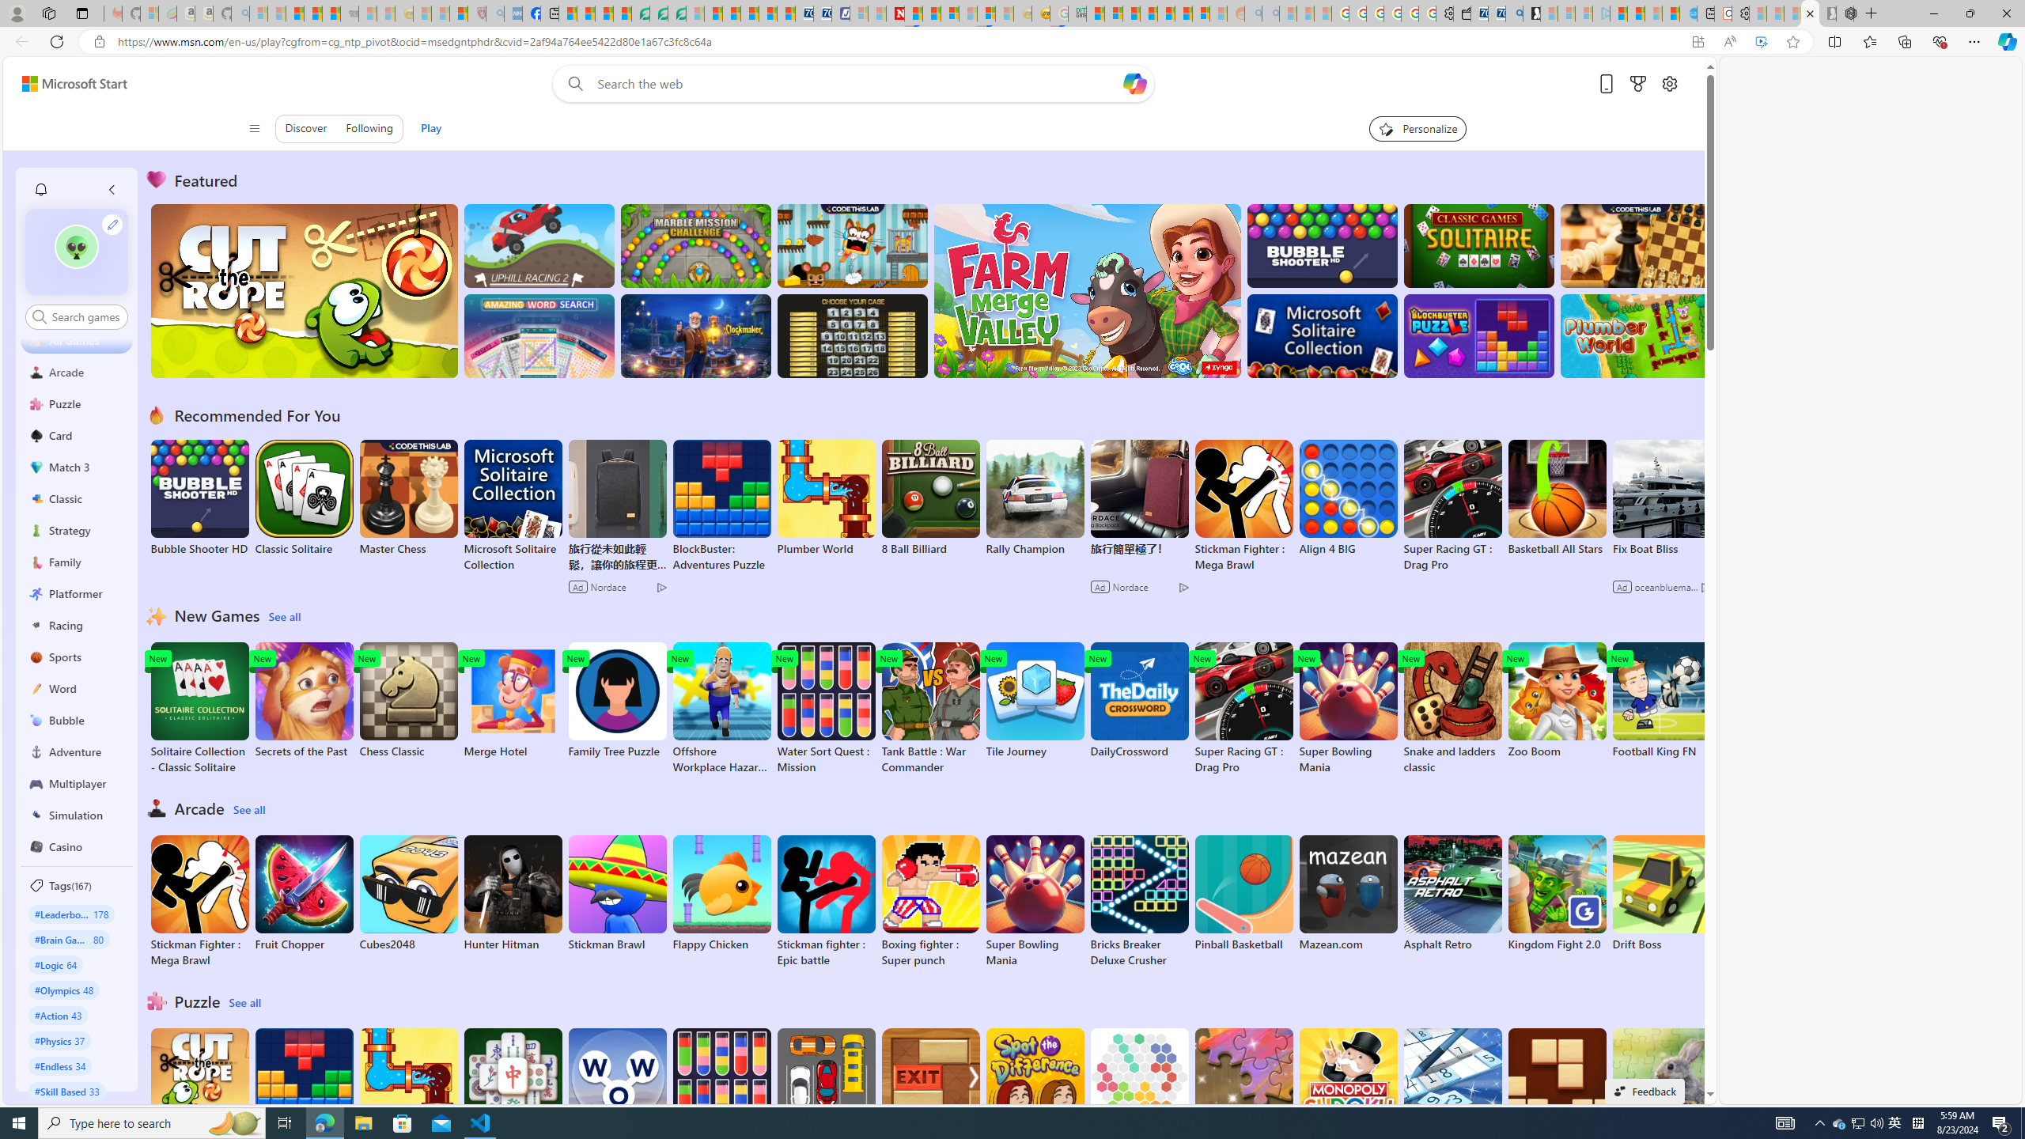 The width and height of the screenshot is (2025, 1139). I want to click on 'Pinball Basketball', so click(1244, 893).